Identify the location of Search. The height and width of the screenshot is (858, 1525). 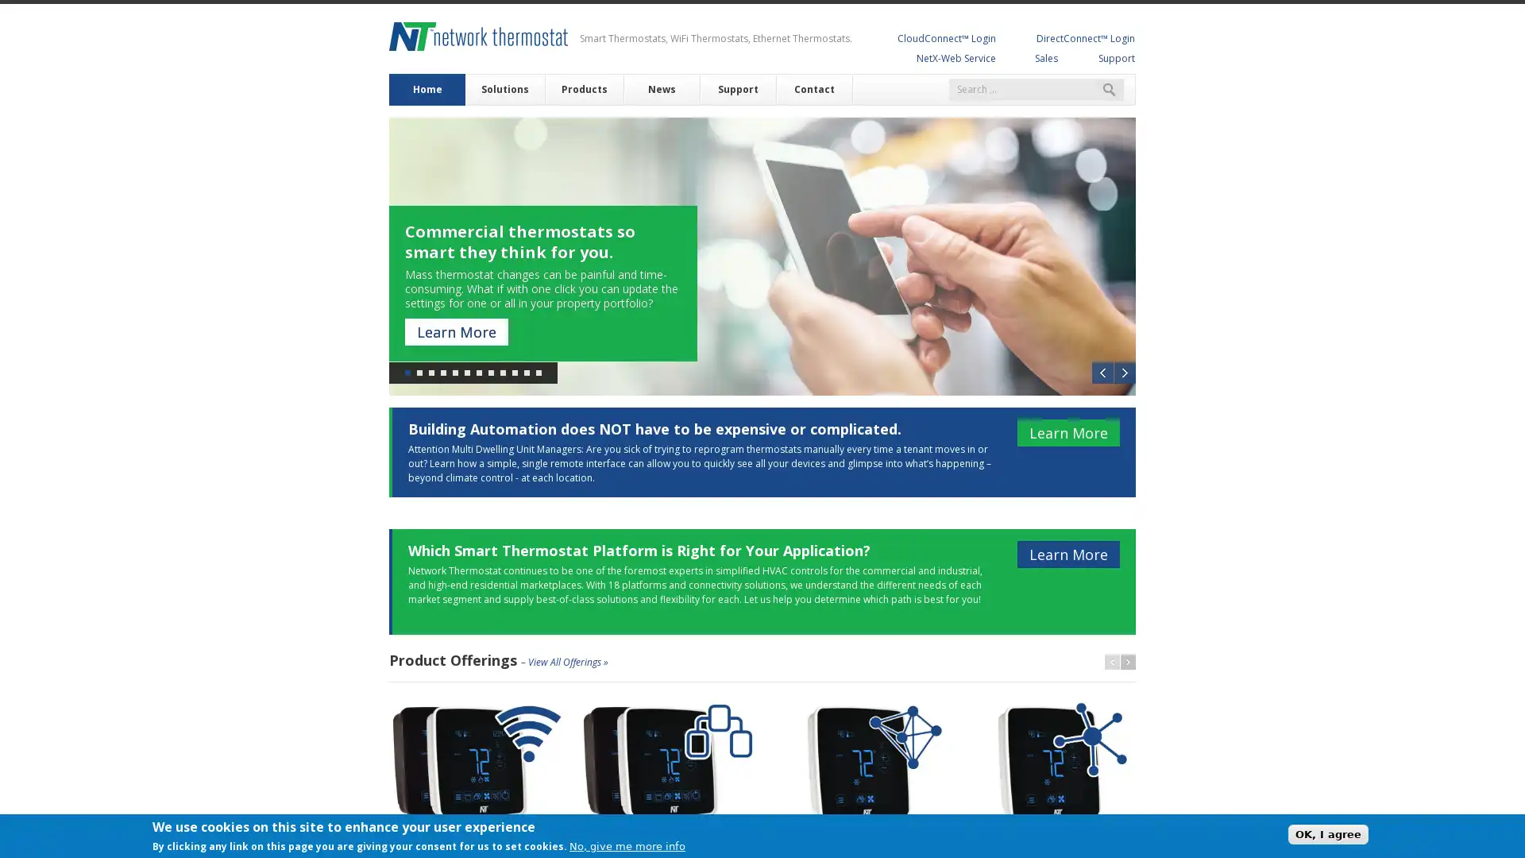
(1108, 89).